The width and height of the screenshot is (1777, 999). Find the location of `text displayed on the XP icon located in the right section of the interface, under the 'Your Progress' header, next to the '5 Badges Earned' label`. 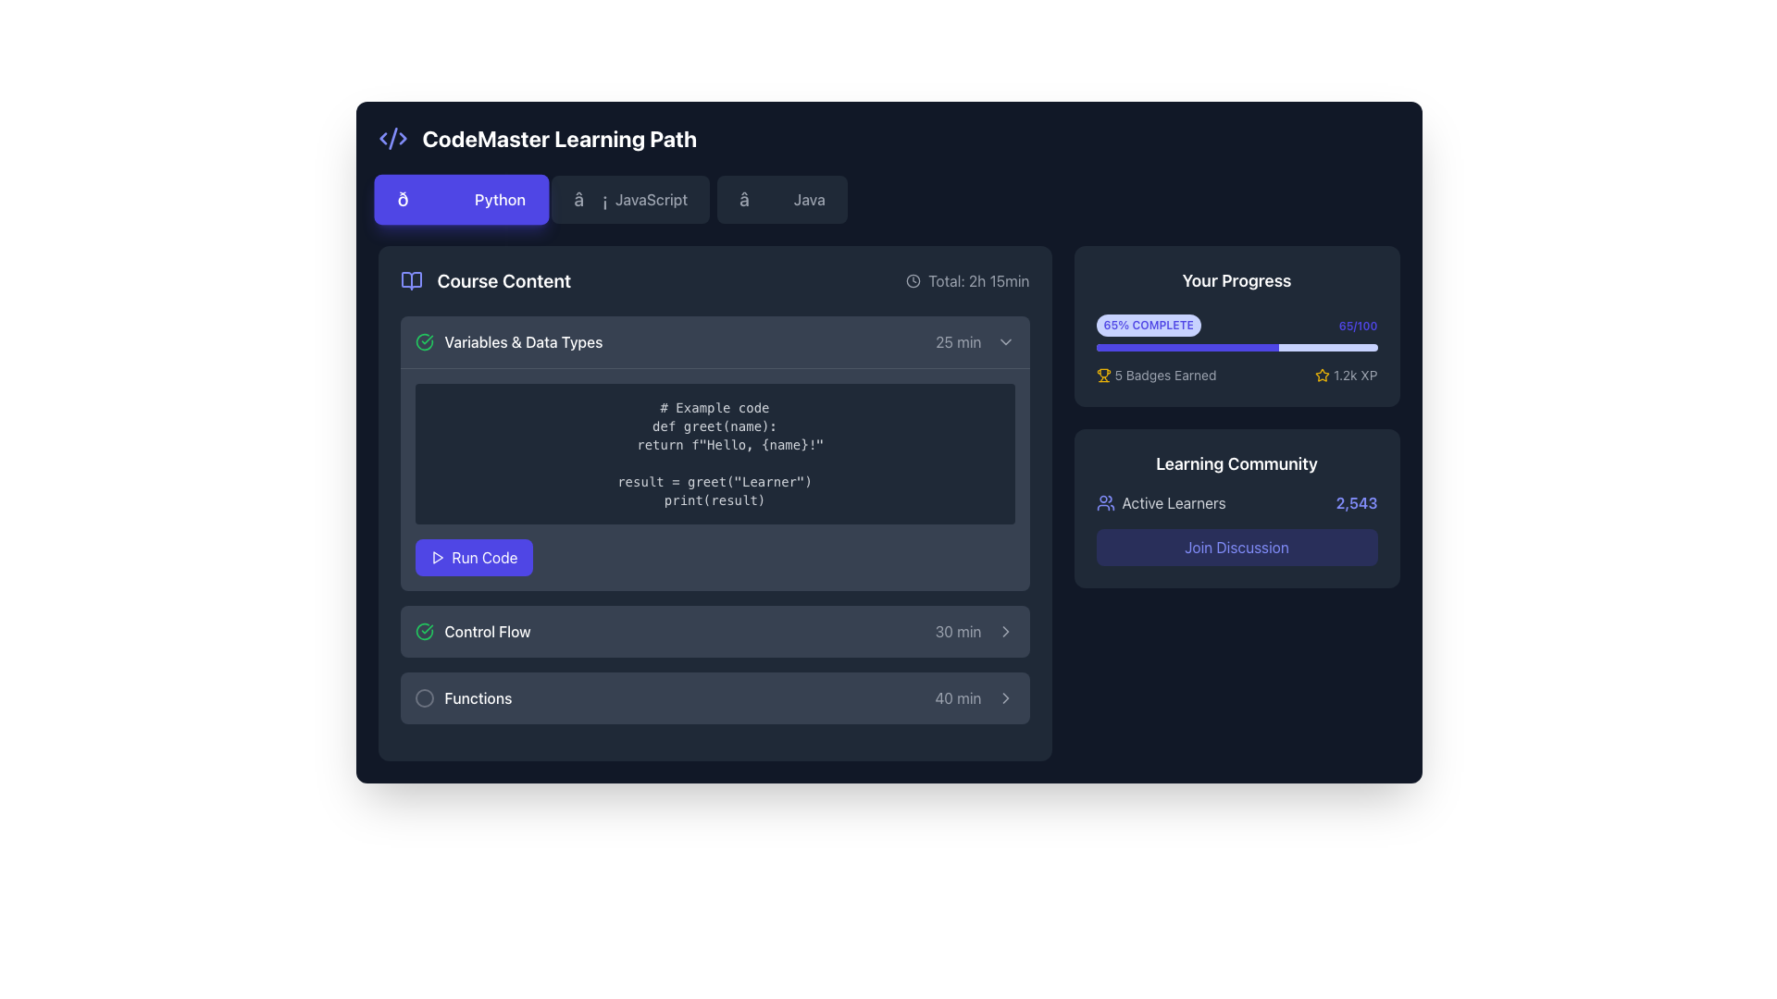

text displayed on the XP icon located in the right section of the interface, under the 'Your Progress' header, next to the '5 Badges Earned' label is located at coordinates (1346, 375).